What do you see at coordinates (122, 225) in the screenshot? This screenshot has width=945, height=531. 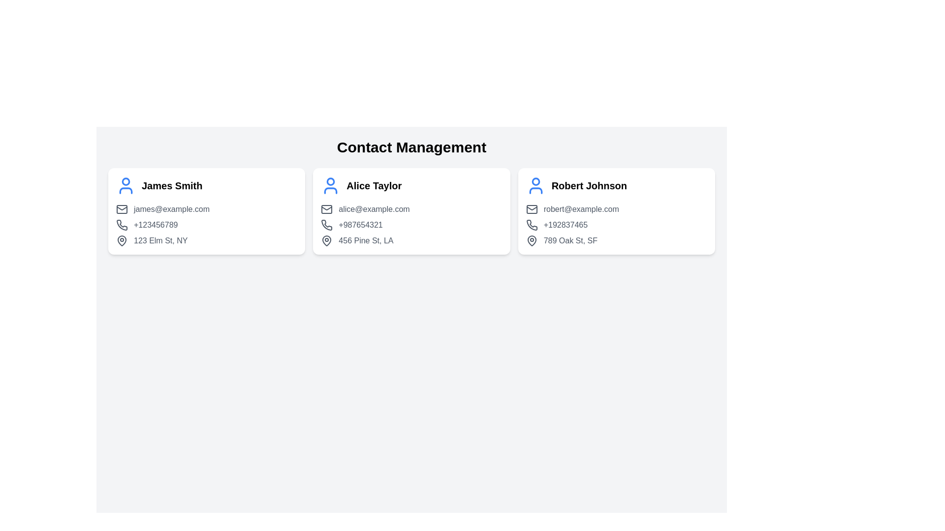 I see `the phone icon representing the phone number '+123456789' for the contact 'James Smith'` at bounding box center [122, 225].